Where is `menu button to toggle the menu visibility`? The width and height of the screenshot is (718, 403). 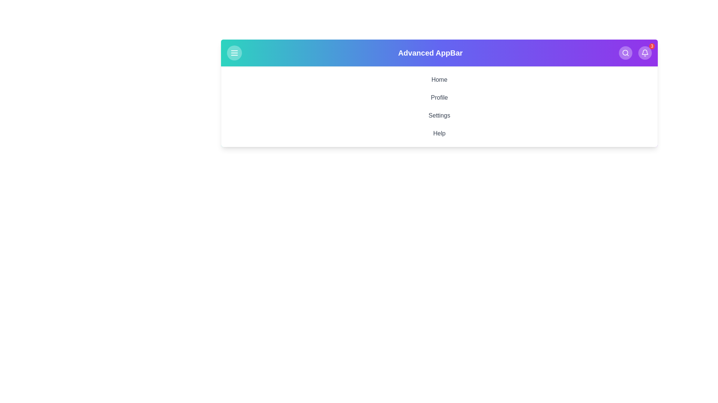
menu button to toggle the menu visibility is located at coordinates (234, 53).